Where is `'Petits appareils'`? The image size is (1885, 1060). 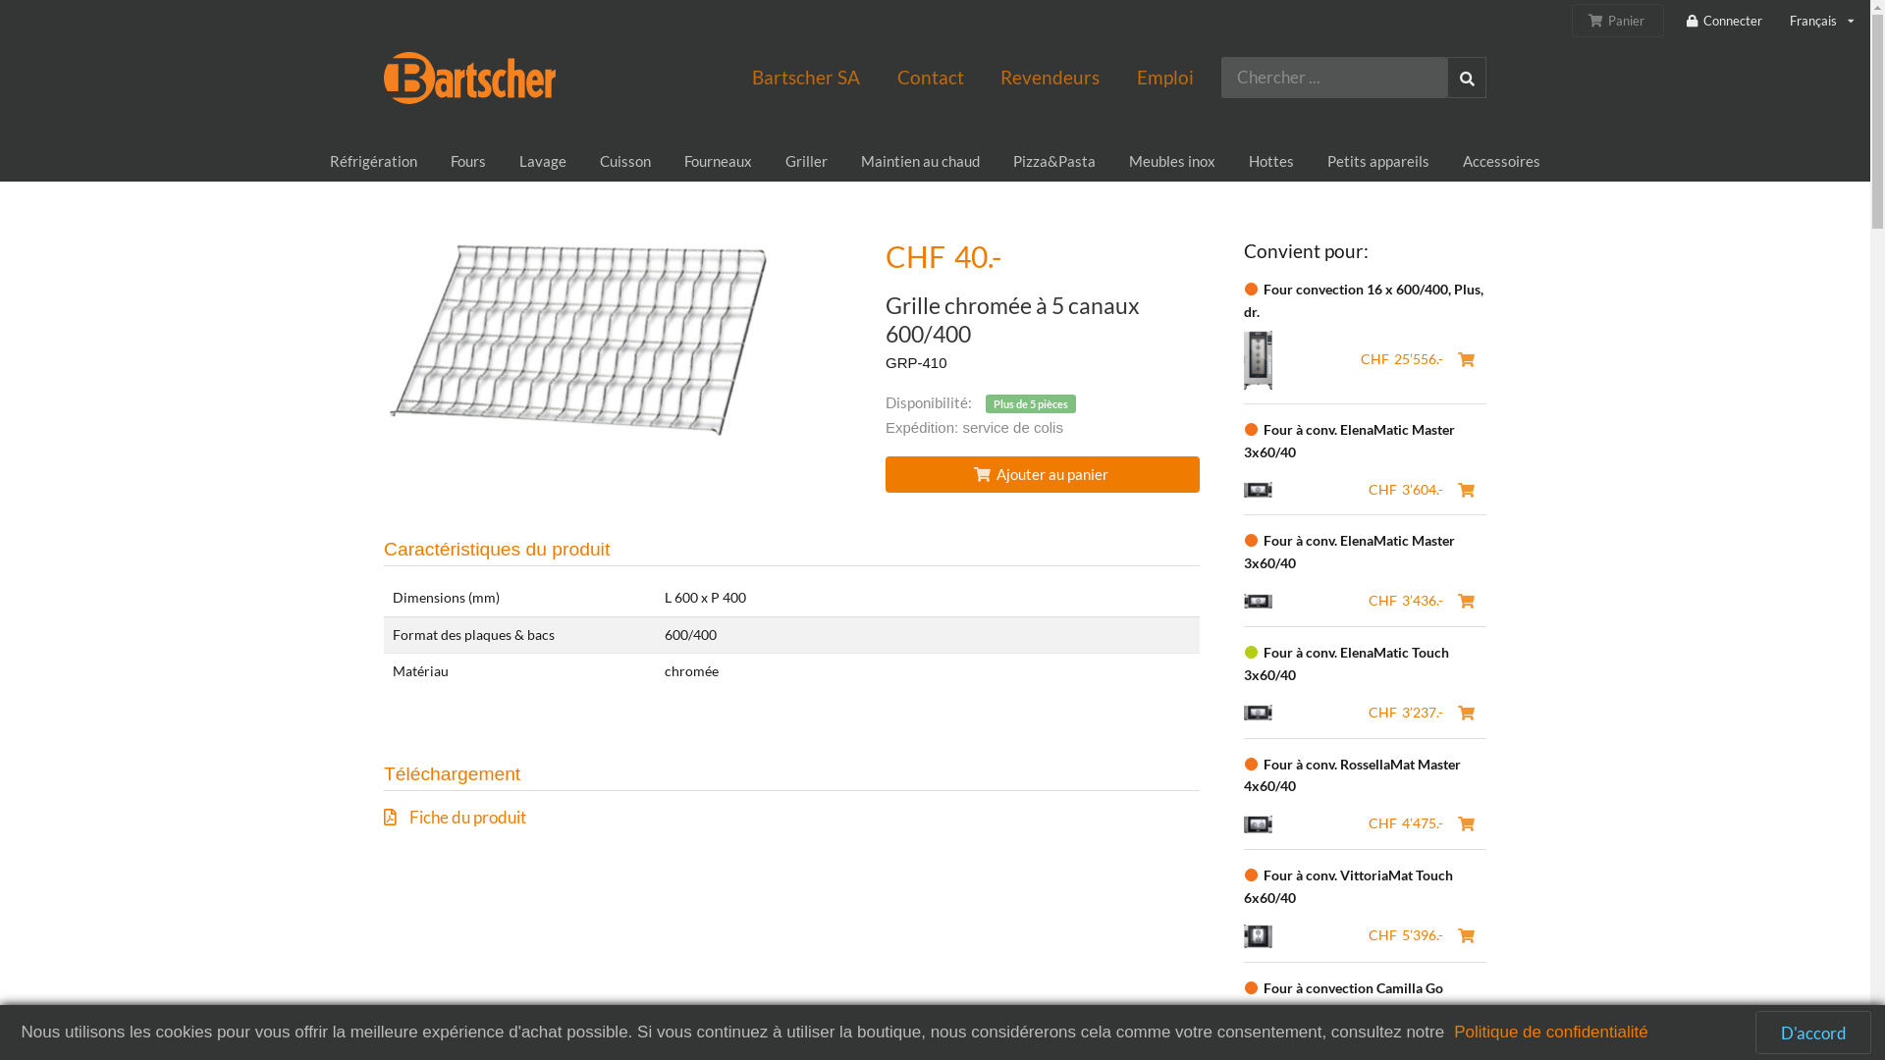
'Petits appareils' is located at coordinates (1376, 161).